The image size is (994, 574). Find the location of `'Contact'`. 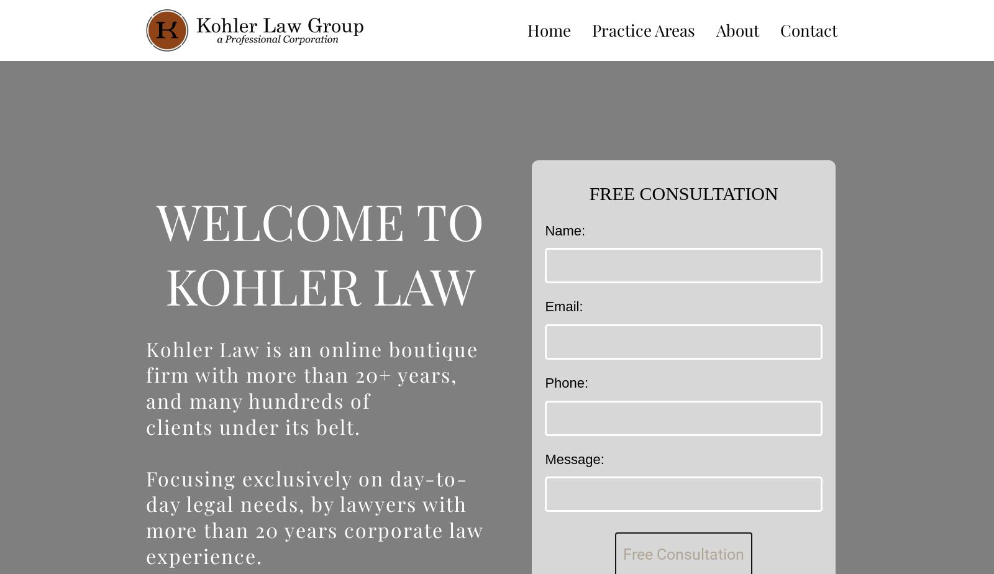

'Contact' is located at coordinates (808, 29).